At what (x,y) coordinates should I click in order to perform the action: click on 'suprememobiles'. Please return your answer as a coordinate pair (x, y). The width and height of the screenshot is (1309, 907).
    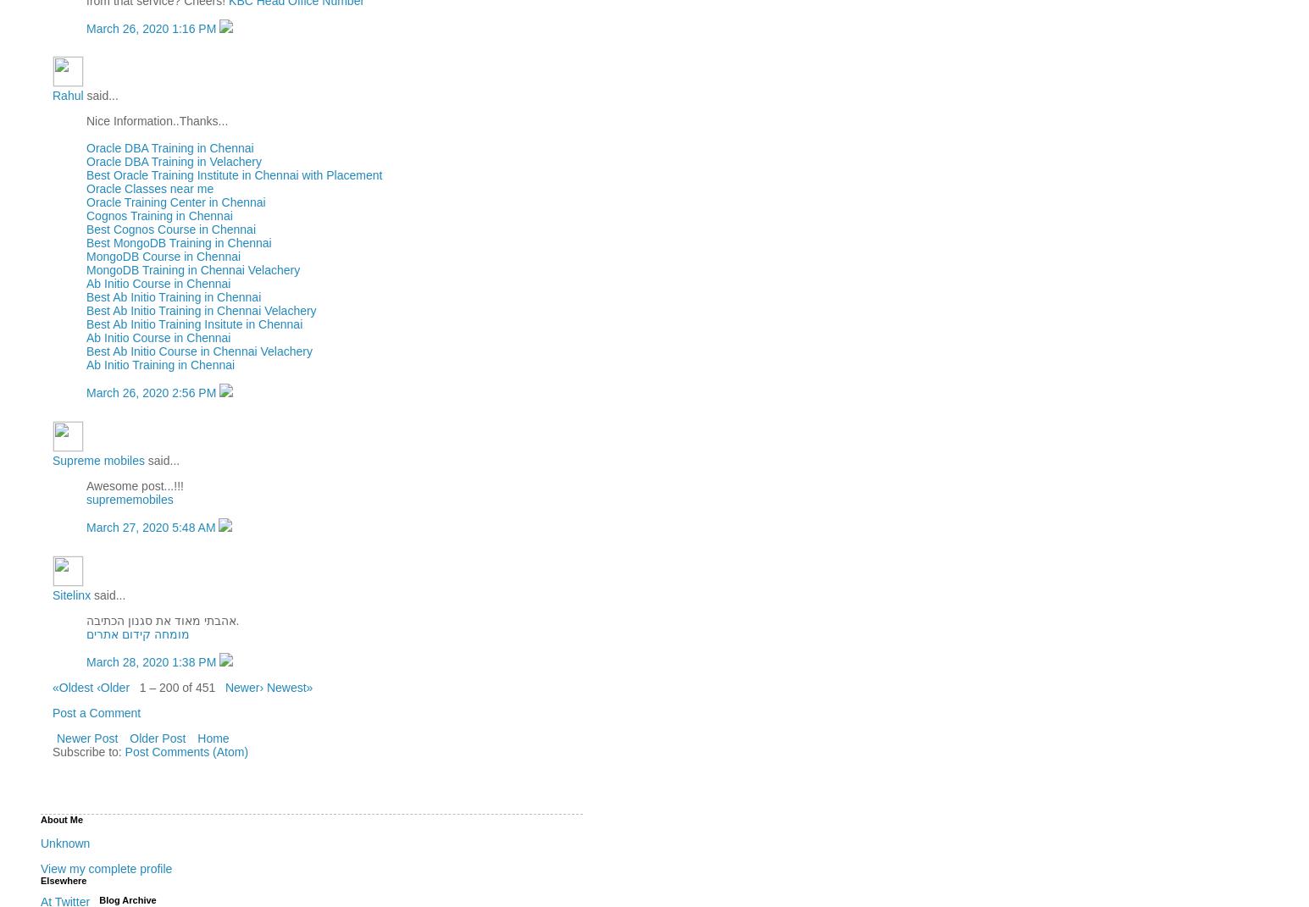
    Looking at the image, I should click on (85, 500).